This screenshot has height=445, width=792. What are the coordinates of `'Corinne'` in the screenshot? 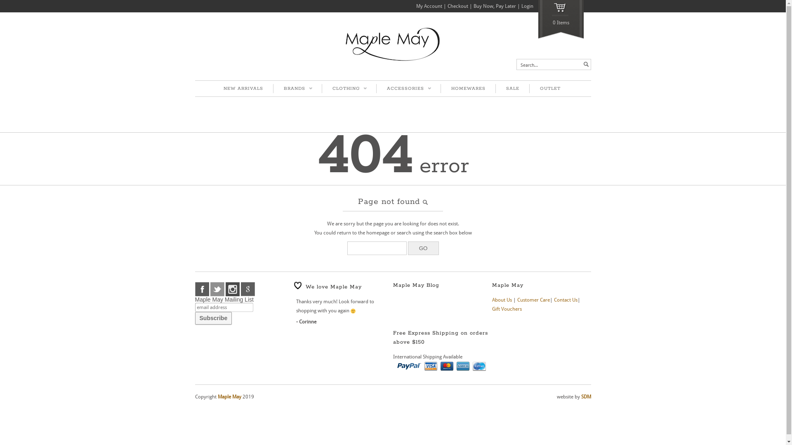 It's located at (304, 321).